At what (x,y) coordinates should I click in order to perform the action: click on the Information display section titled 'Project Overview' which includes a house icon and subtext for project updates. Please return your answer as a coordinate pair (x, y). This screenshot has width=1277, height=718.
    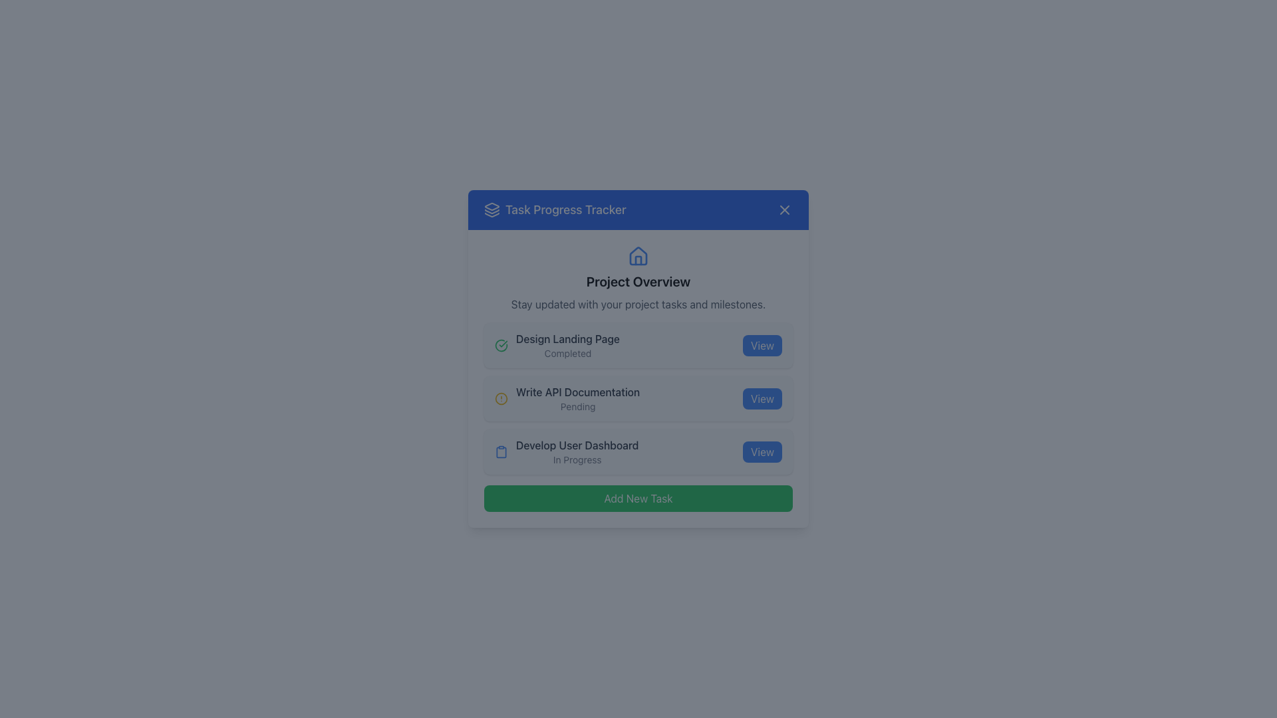
    Looking at the image, I should click on (638, 279).